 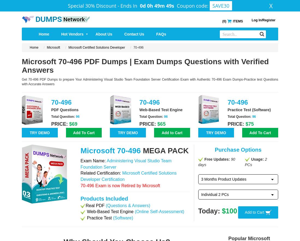 What do you see at coordinates (99, 218) in the screenshot?
I see `'Practice Test'` at bounding box center [99, 218].